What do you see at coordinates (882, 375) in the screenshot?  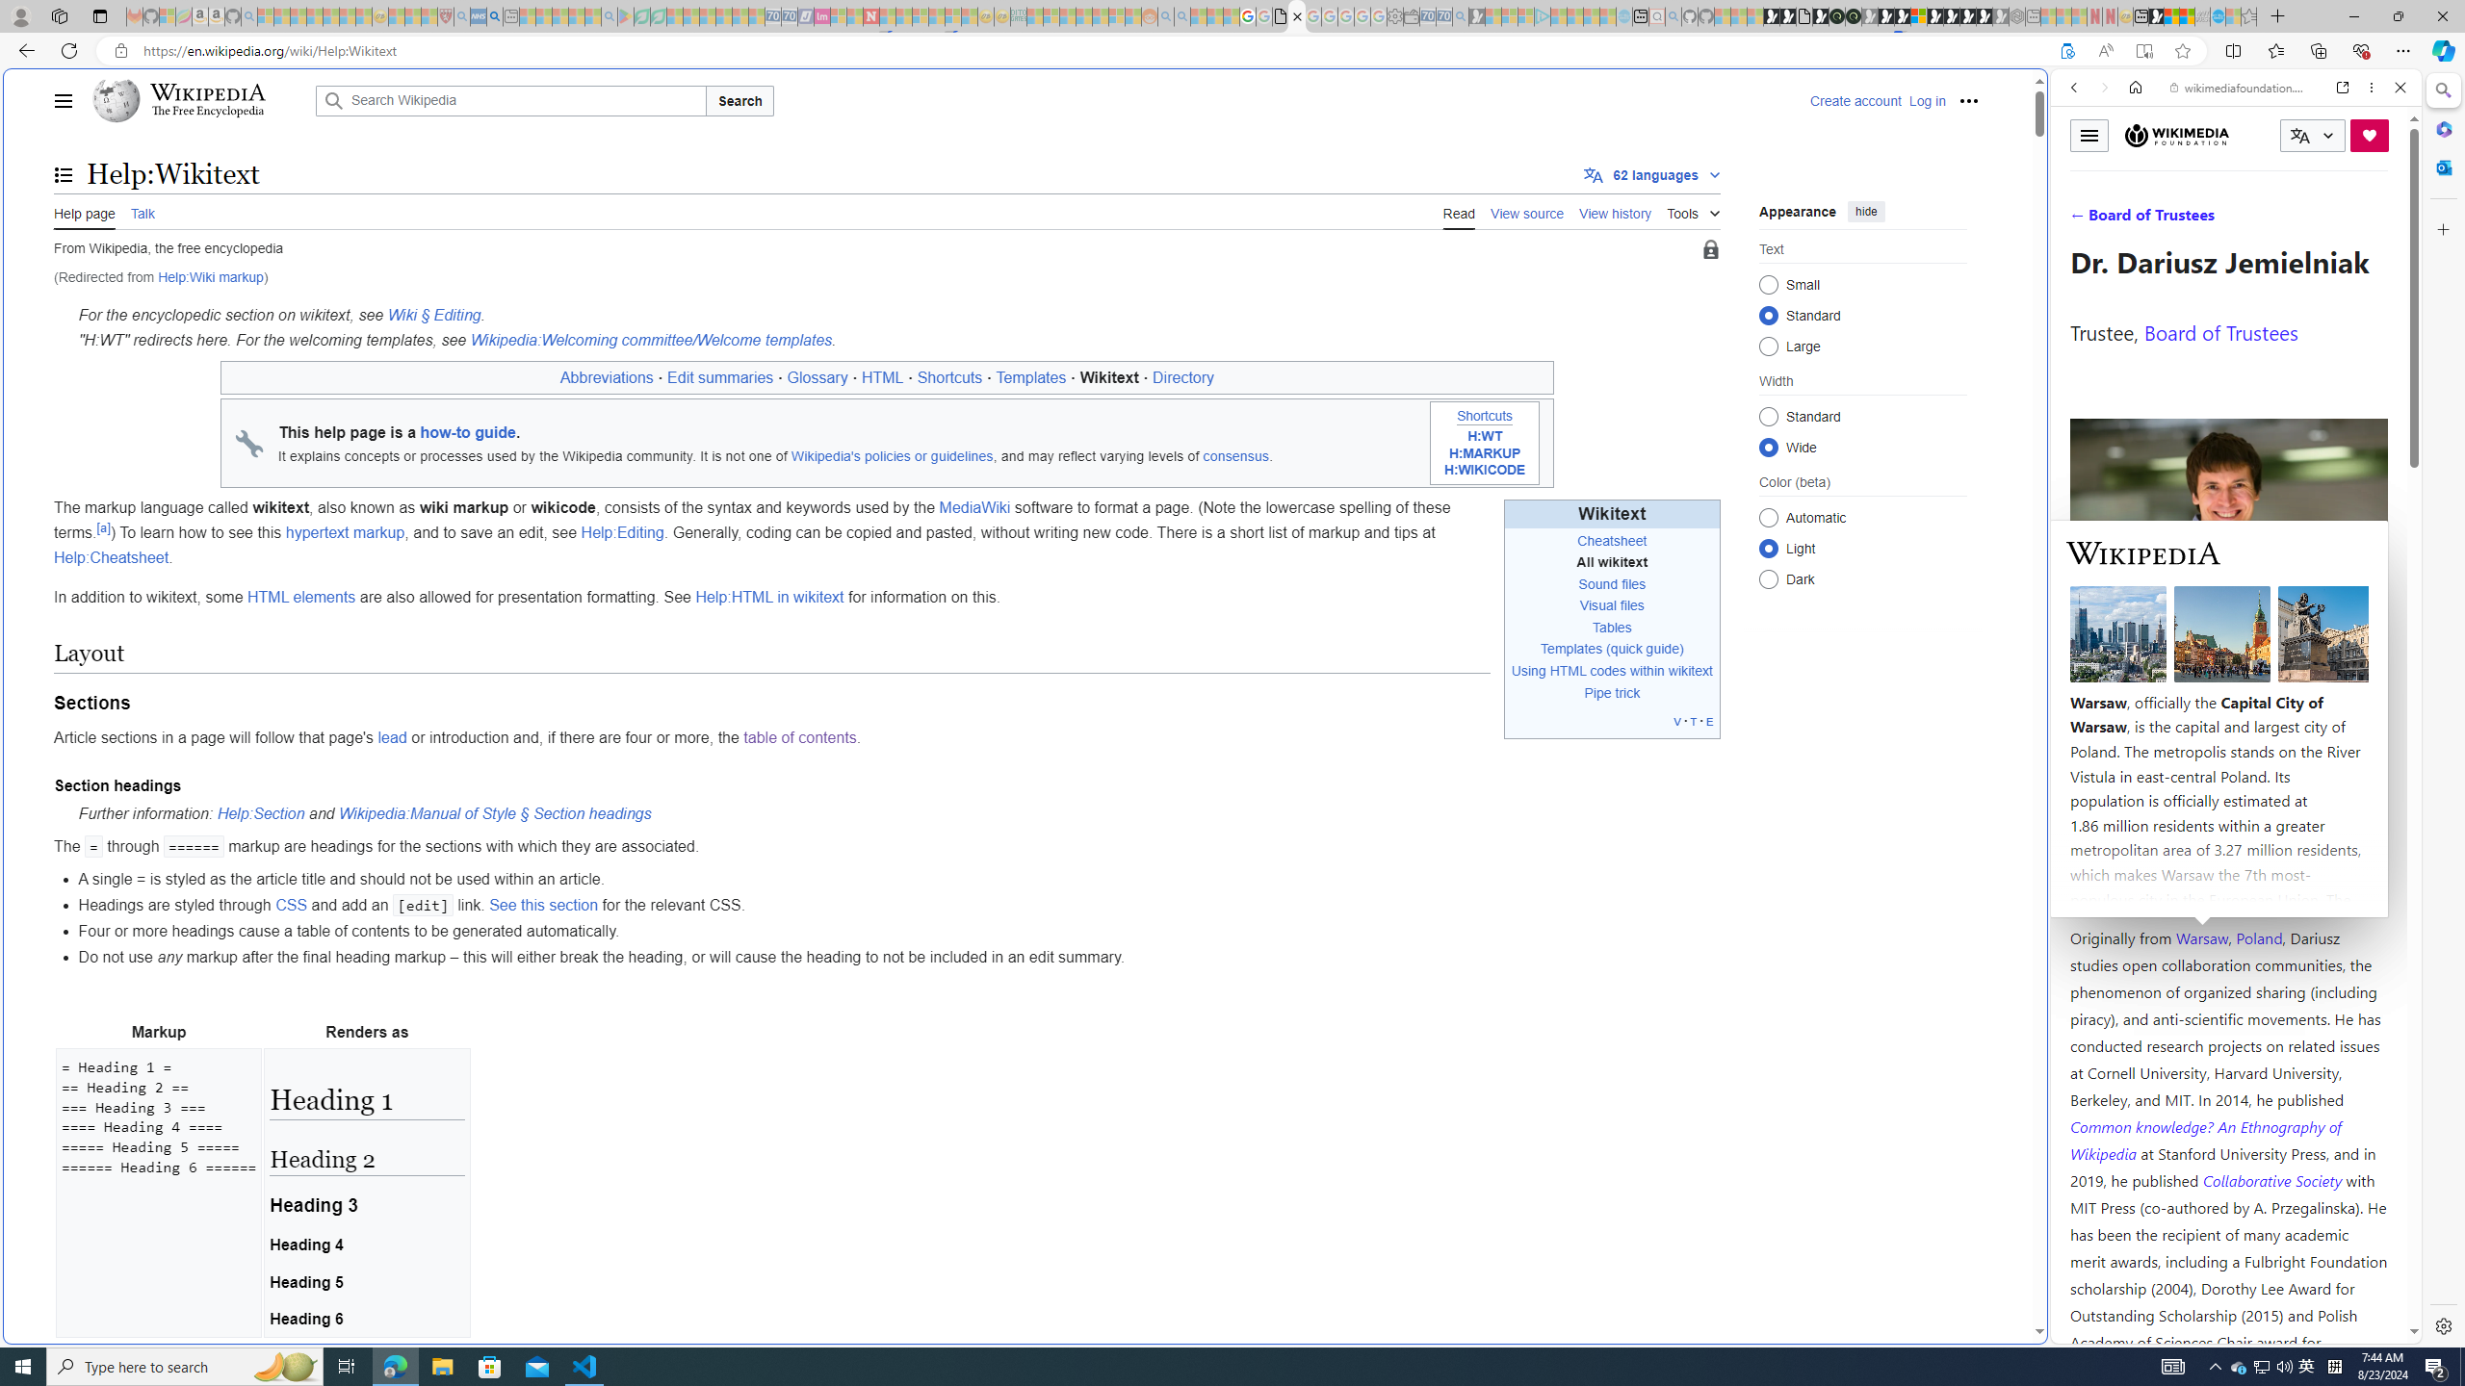 I see `'HTML'` at bounding box center [882, 375].